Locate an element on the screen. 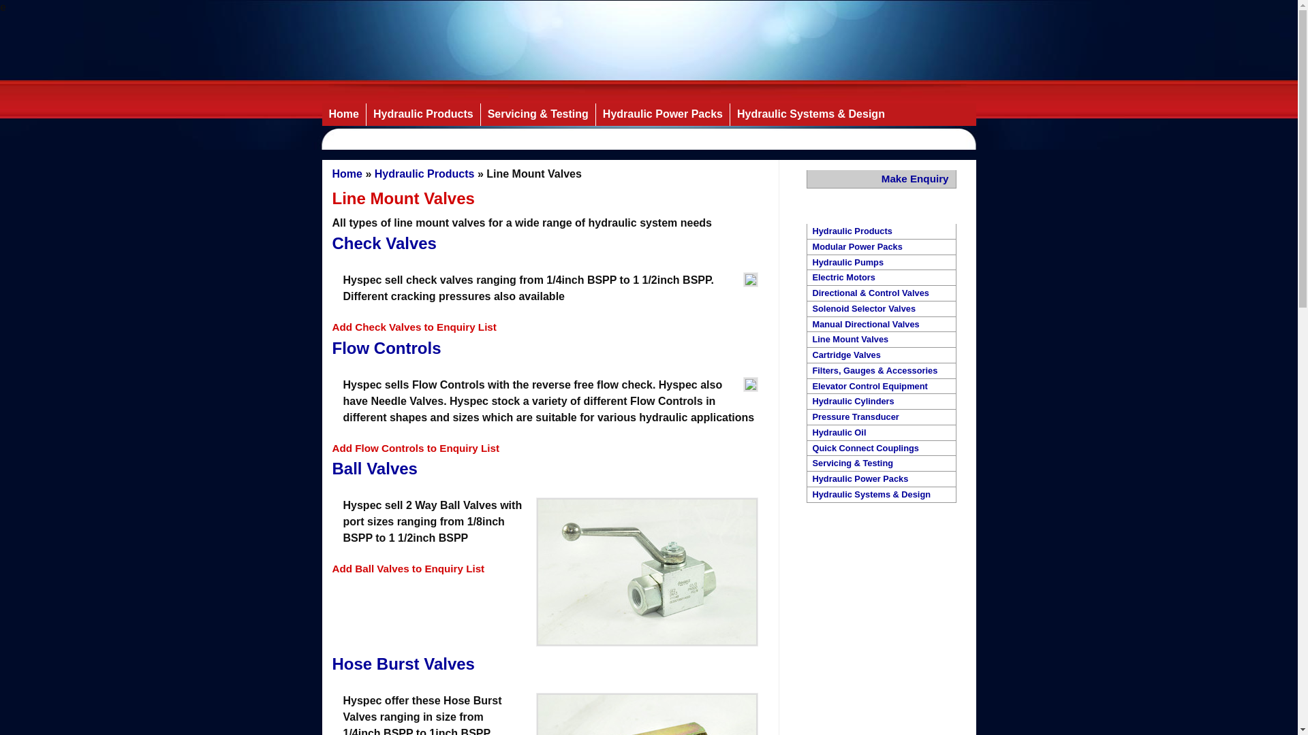 The width and height of the screenshot is (1308, 735). 'Modular Power Packs' is located at coordinates (880, 247).